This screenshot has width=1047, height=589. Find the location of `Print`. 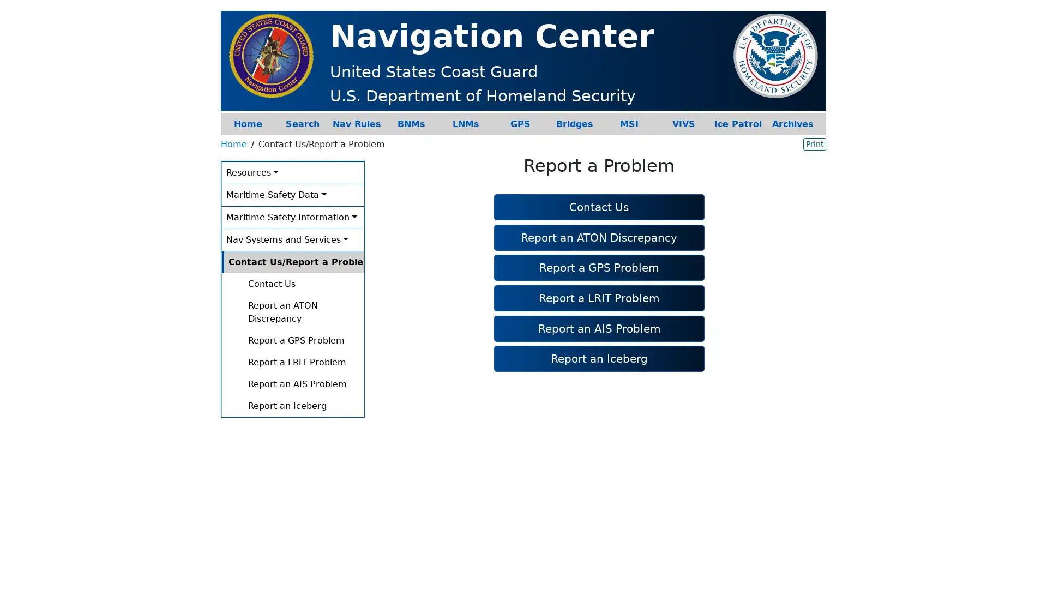

Print is located at coordinates (814, 143).